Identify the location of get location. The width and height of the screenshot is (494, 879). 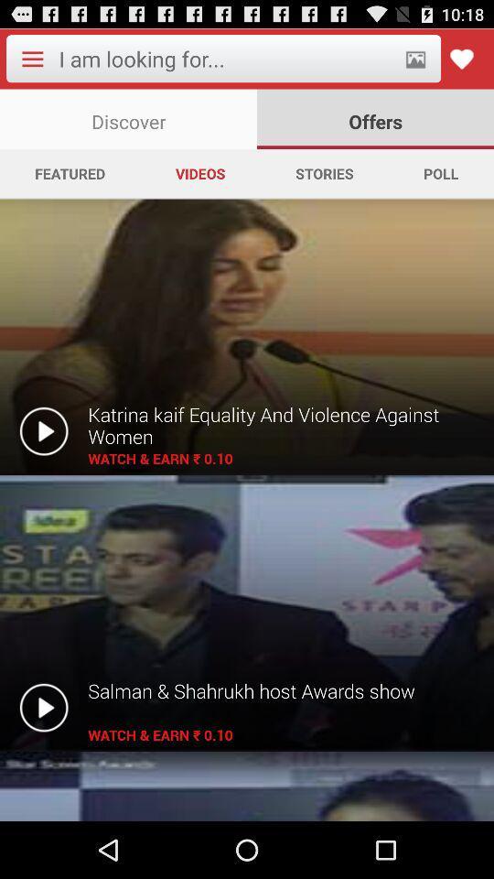
(415, 59).